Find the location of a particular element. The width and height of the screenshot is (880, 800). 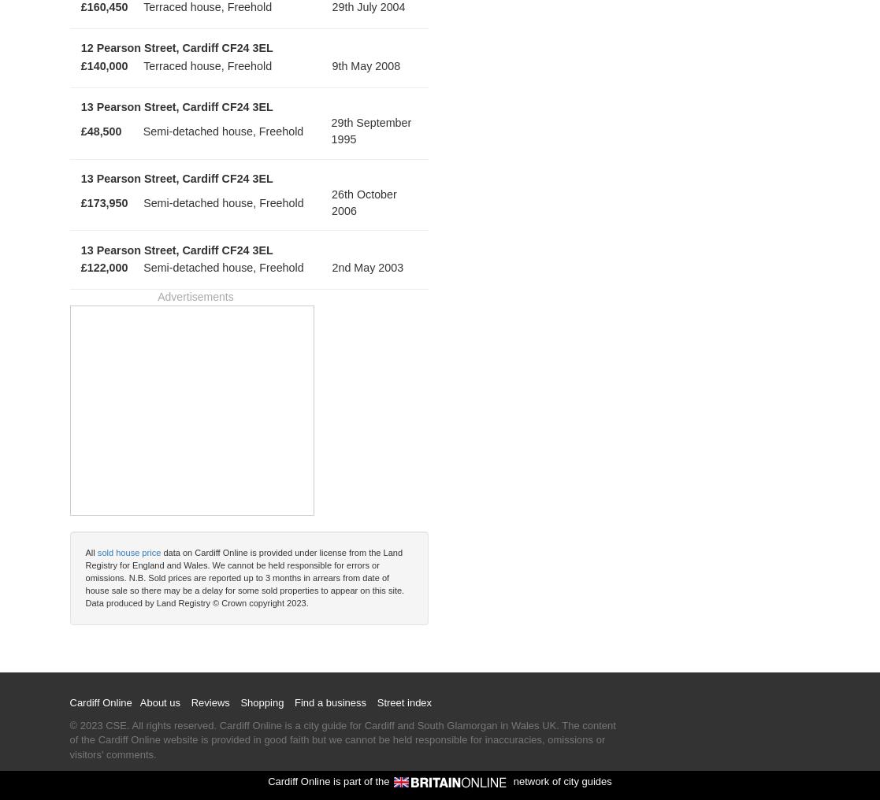

'sold house price' is located at coordinates (128, 552).